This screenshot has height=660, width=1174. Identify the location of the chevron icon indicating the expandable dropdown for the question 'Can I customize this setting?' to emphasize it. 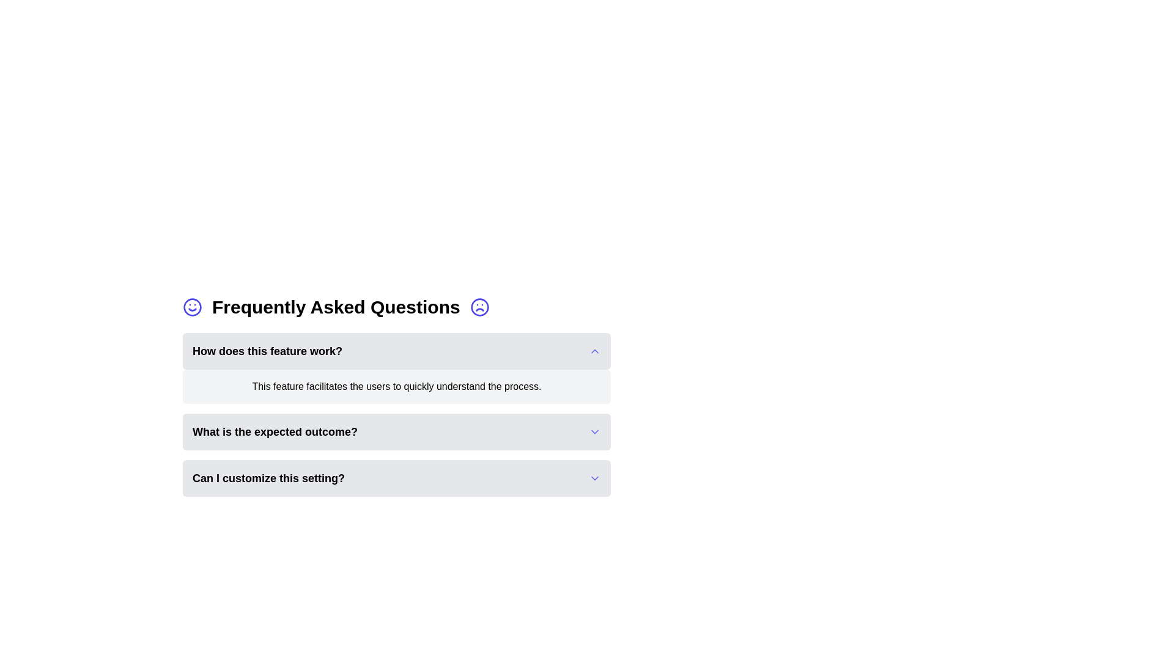
(595, 478).